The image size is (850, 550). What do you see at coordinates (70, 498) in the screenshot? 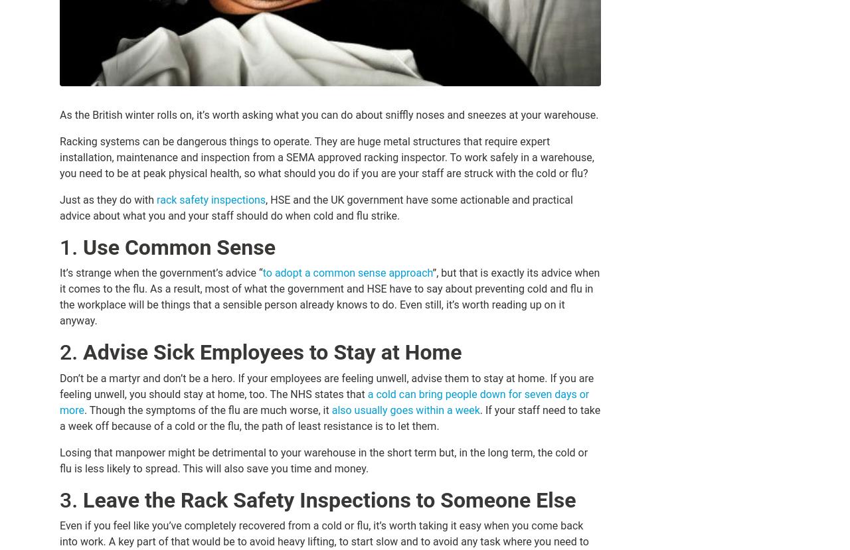
I see `'3.'` at bounding box center [70, 498].